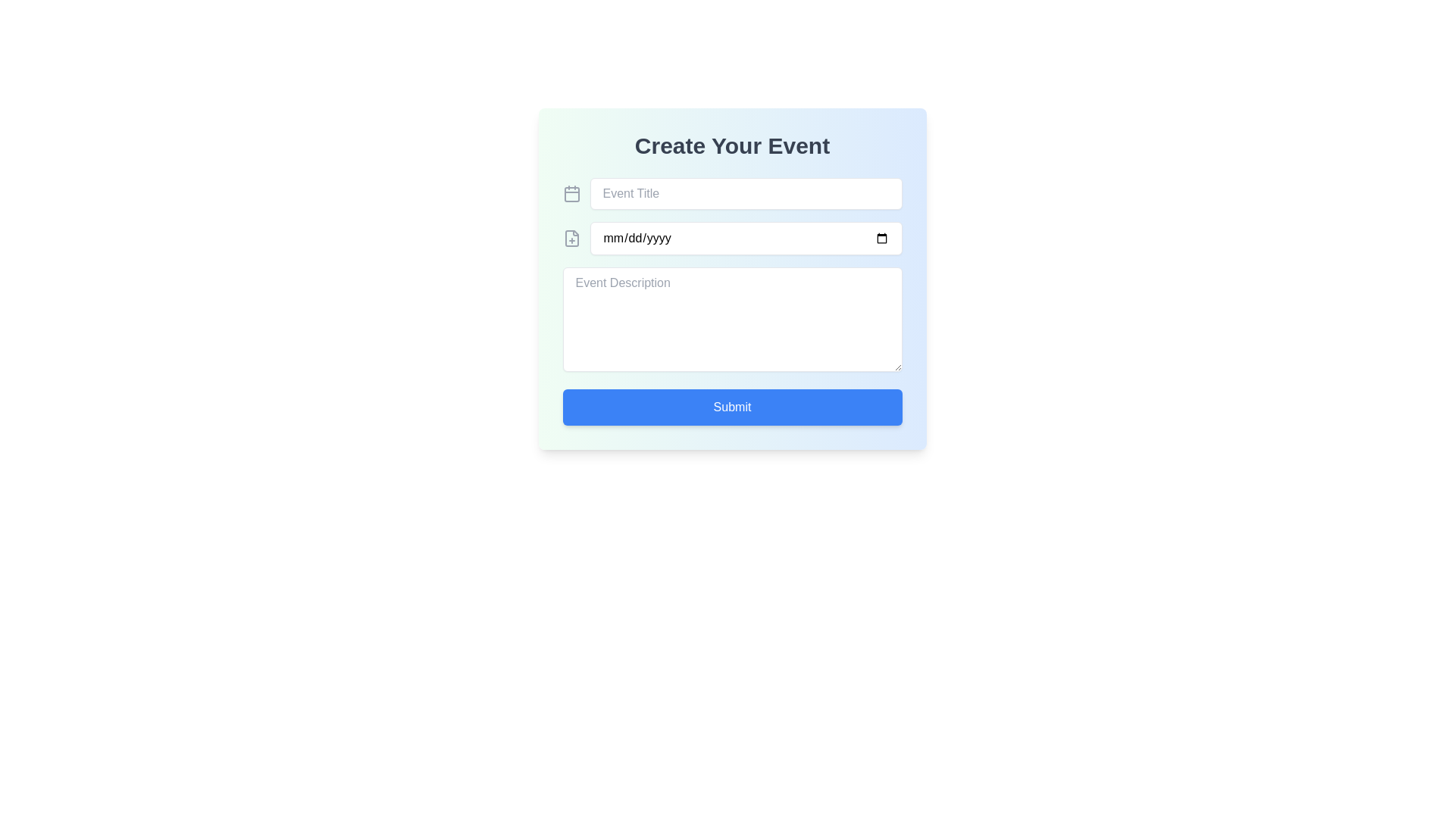 This screenshot has height=818, width=1455. Describe the element at coordinates (732, 301) in the screenshot. I see `to select text within the Text Input Area located in the 'Create Your Event' section, positioned above the blue 'Submit' button` at that location.